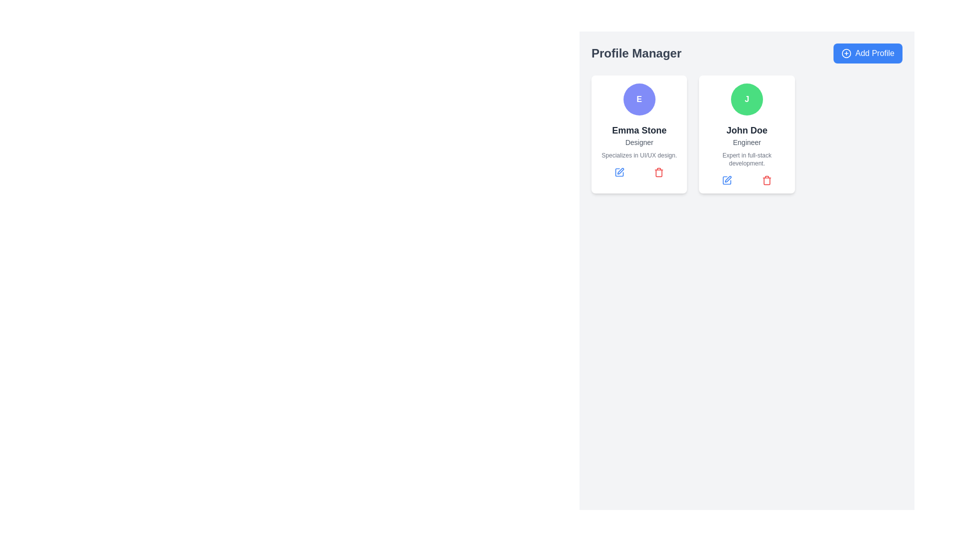 Image resolution: width=960 pixels, height=540 pixels. What do you see at coordinates (746, 159) in the screenshot?
I see `text label that provides additional descriptive information about the expertise of the profile named 'John Doe', located beneath the 'Engineer' label in the profile card` at bounding box center [746, 159].